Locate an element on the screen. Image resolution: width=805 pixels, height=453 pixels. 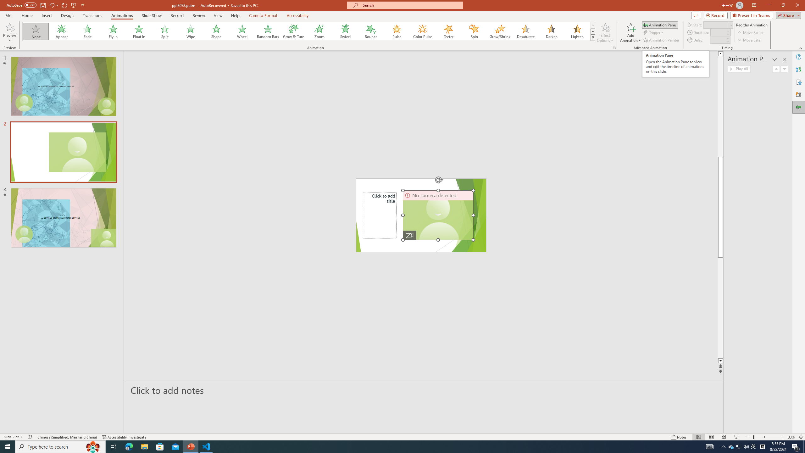
'Fly In' is located at coordinates (113, 31).